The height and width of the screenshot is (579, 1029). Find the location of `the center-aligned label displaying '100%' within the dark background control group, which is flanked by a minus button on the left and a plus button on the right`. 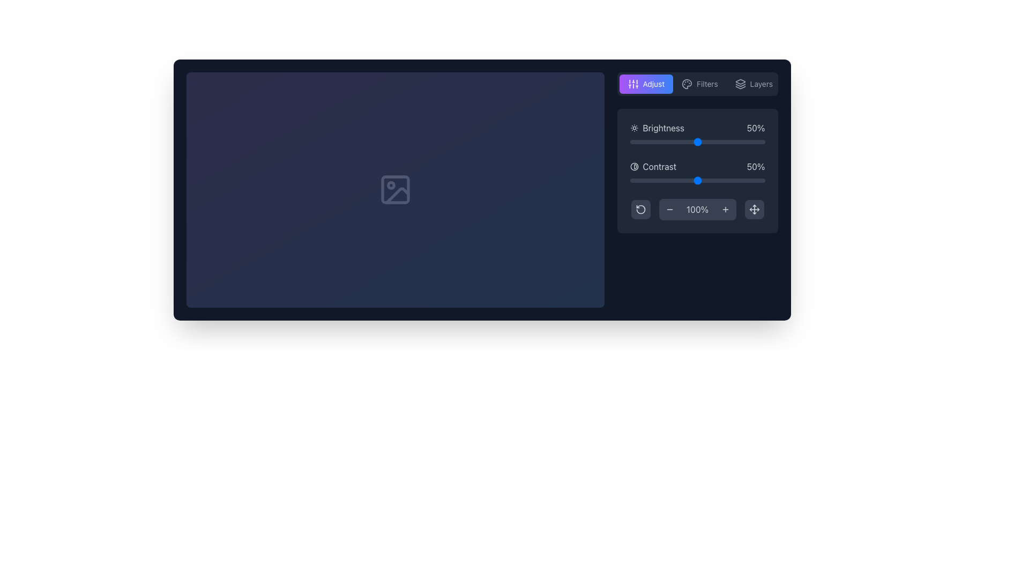

the center-aligned label displaying '100%' within the dark background control group, which is flanked by a minus button on the left and a plus button on the right is located at coordinates (697, 209).